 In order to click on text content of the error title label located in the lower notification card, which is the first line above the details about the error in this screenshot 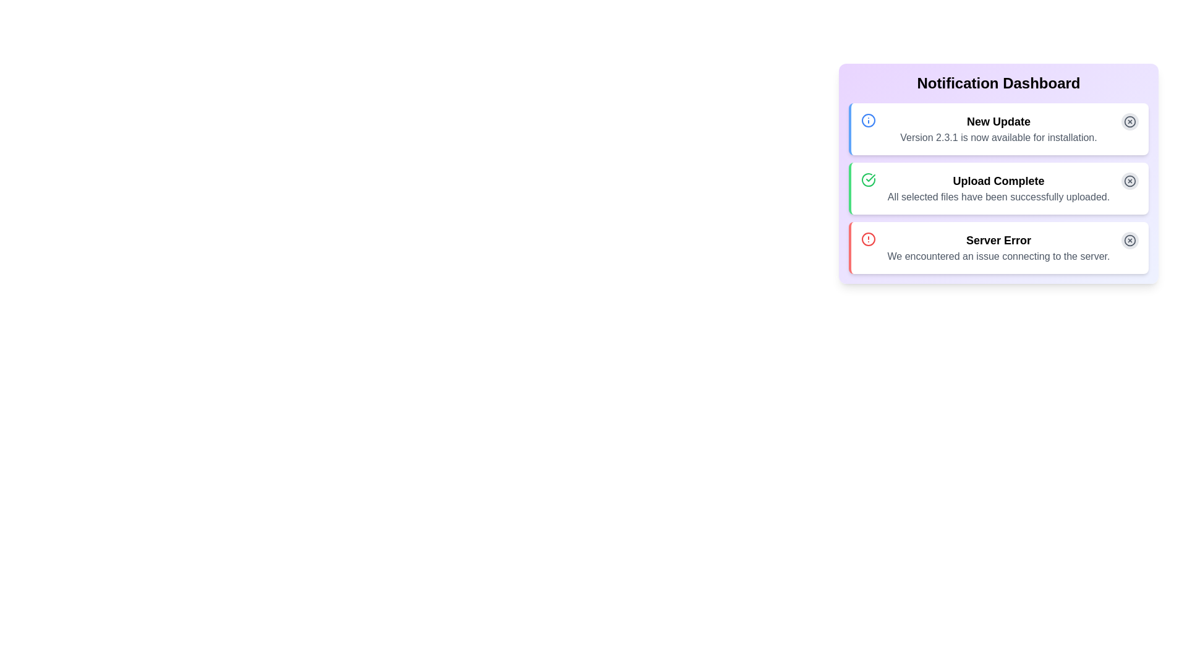, I will do `click(998, 241)`.